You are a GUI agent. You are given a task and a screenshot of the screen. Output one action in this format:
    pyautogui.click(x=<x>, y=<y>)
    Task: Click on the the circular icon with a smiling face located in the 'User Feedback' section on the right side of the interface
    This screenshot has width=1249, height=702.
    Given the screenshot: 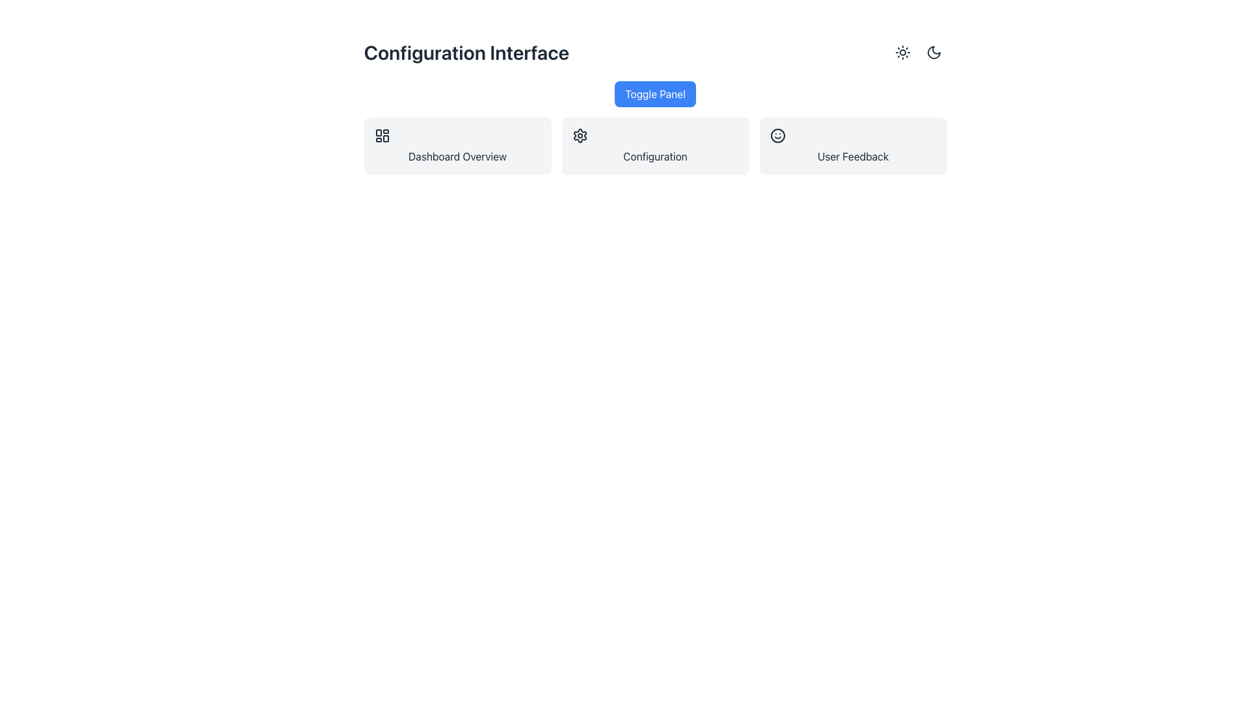 What is the action you would take?
    pyautogui.click(x=777, y=135)
    